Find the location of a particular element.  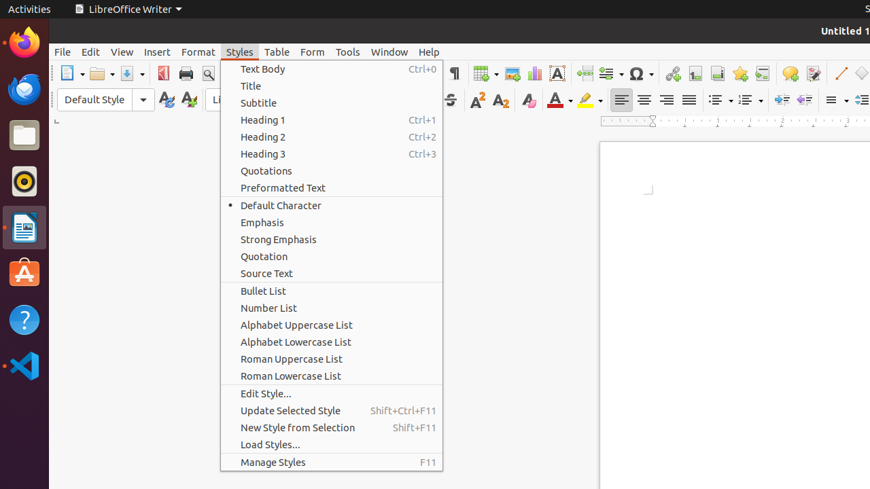

'Text Body' is located at coordinates (331, 69).